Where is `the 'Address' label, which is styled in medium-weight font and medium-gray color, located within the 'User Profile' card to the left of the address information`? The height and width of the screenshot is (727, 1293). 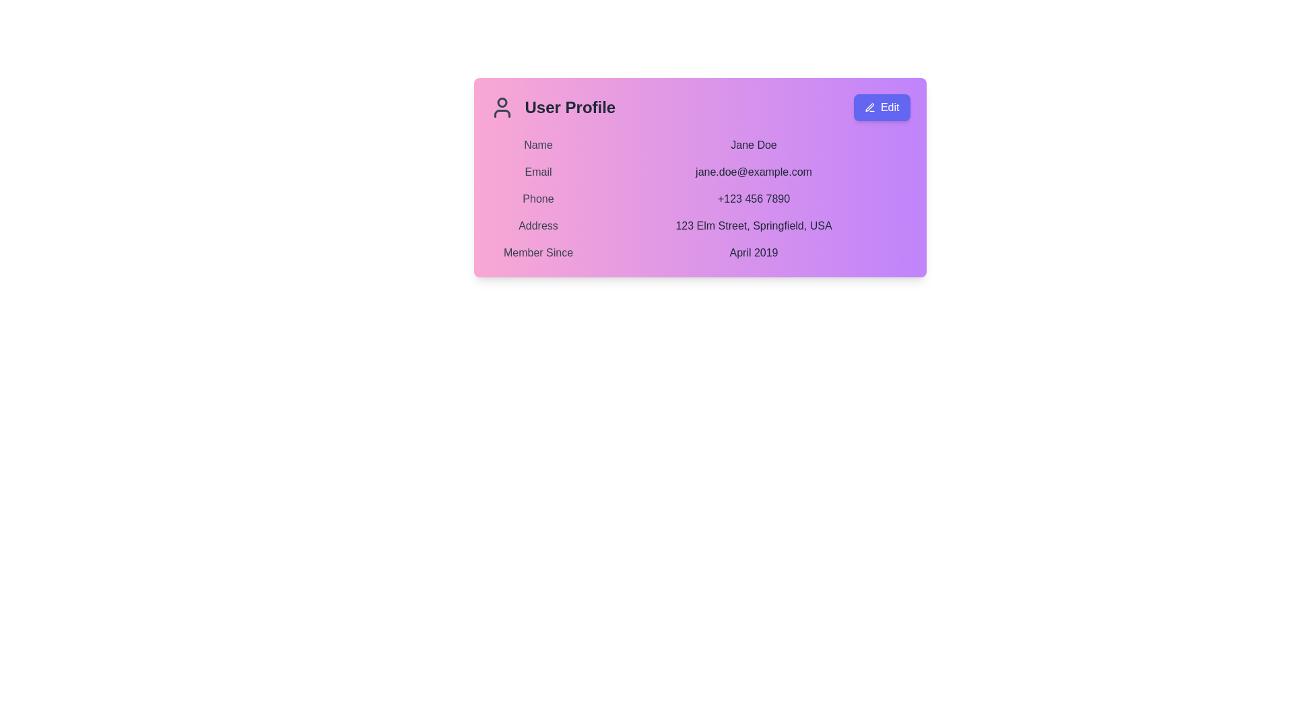
the 'Address' label, which is styled in medium-weight font and medium-gray color, located within the 'User Profile' card to the left of the address information is located at coordinates (537, 225).